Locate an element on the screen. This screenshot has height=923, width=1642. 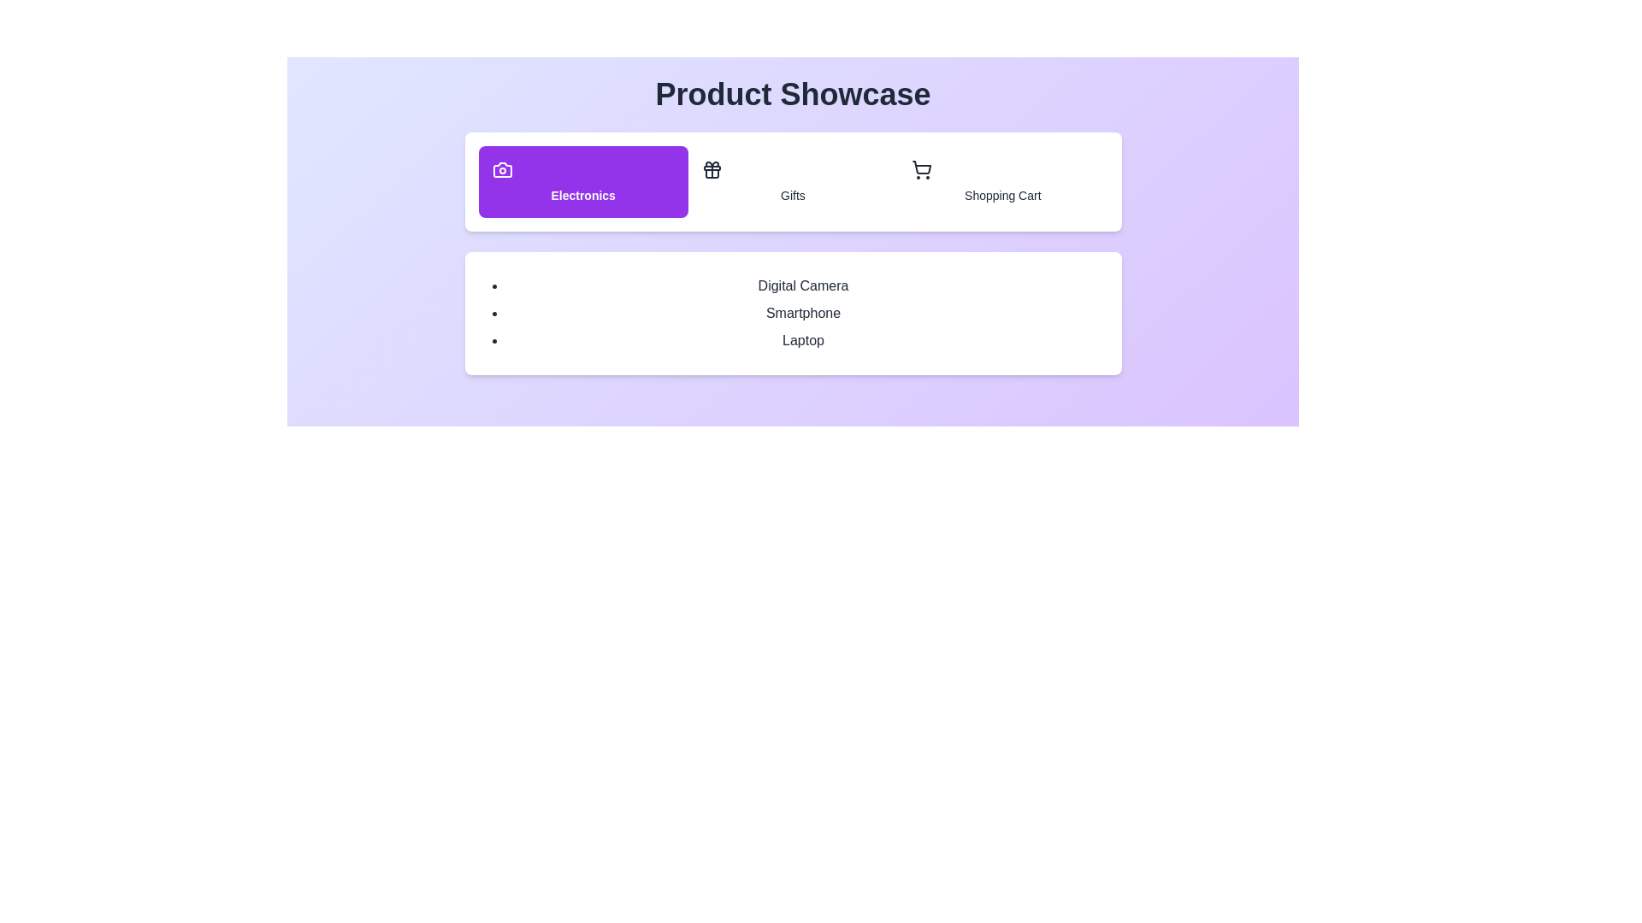
the 'Gifts' text label, which is part of a button with a white background and rounded corners, located centrally in a navigation bar is located at coordinates (792, 194).